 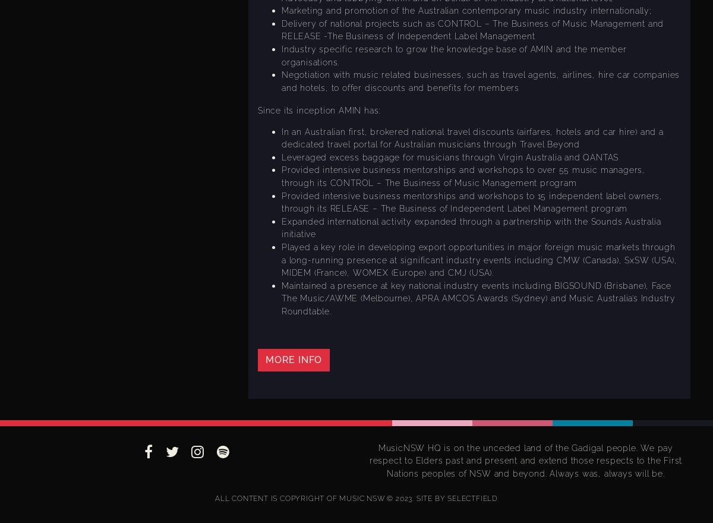 I want to click on 'Delivery of national projects such as CONTROL – The Business of Music Management and RELEASE -The Business of Independent Label Management', so click(x=472, y=29).